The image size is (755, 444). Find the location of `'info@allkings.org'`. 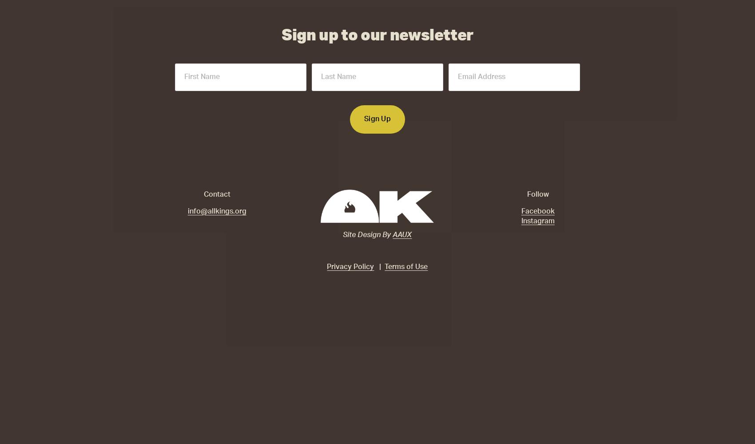

'info@allkings.org' is located at coordinates (217, 210).